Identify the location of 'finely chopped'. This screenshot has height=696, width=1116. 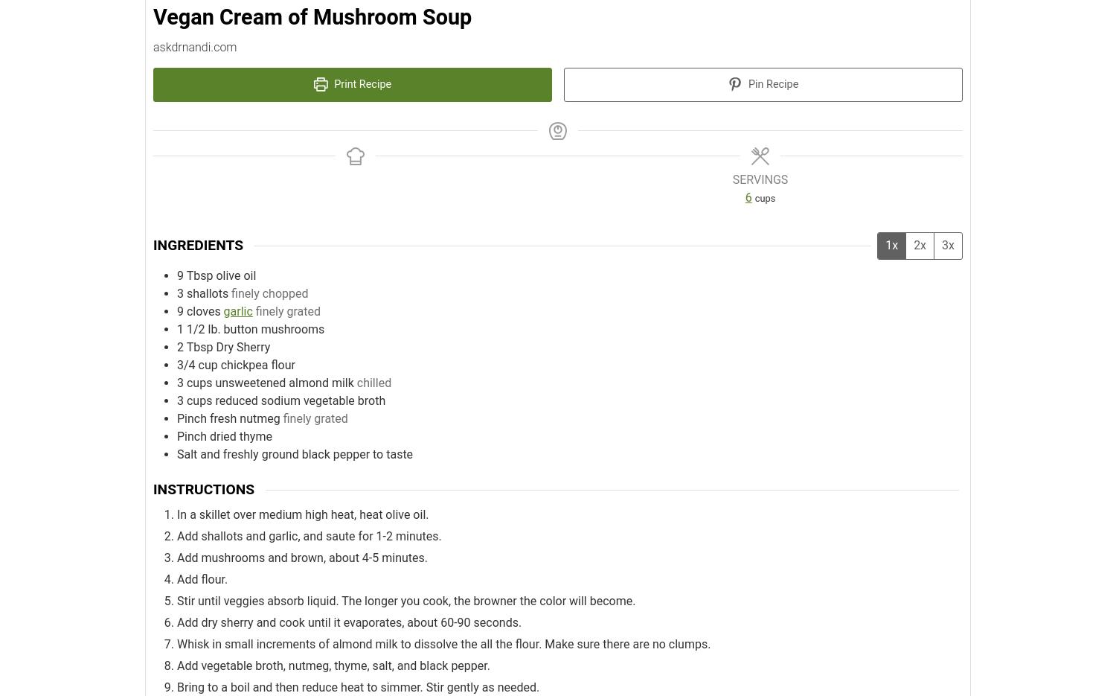
(269, 293).